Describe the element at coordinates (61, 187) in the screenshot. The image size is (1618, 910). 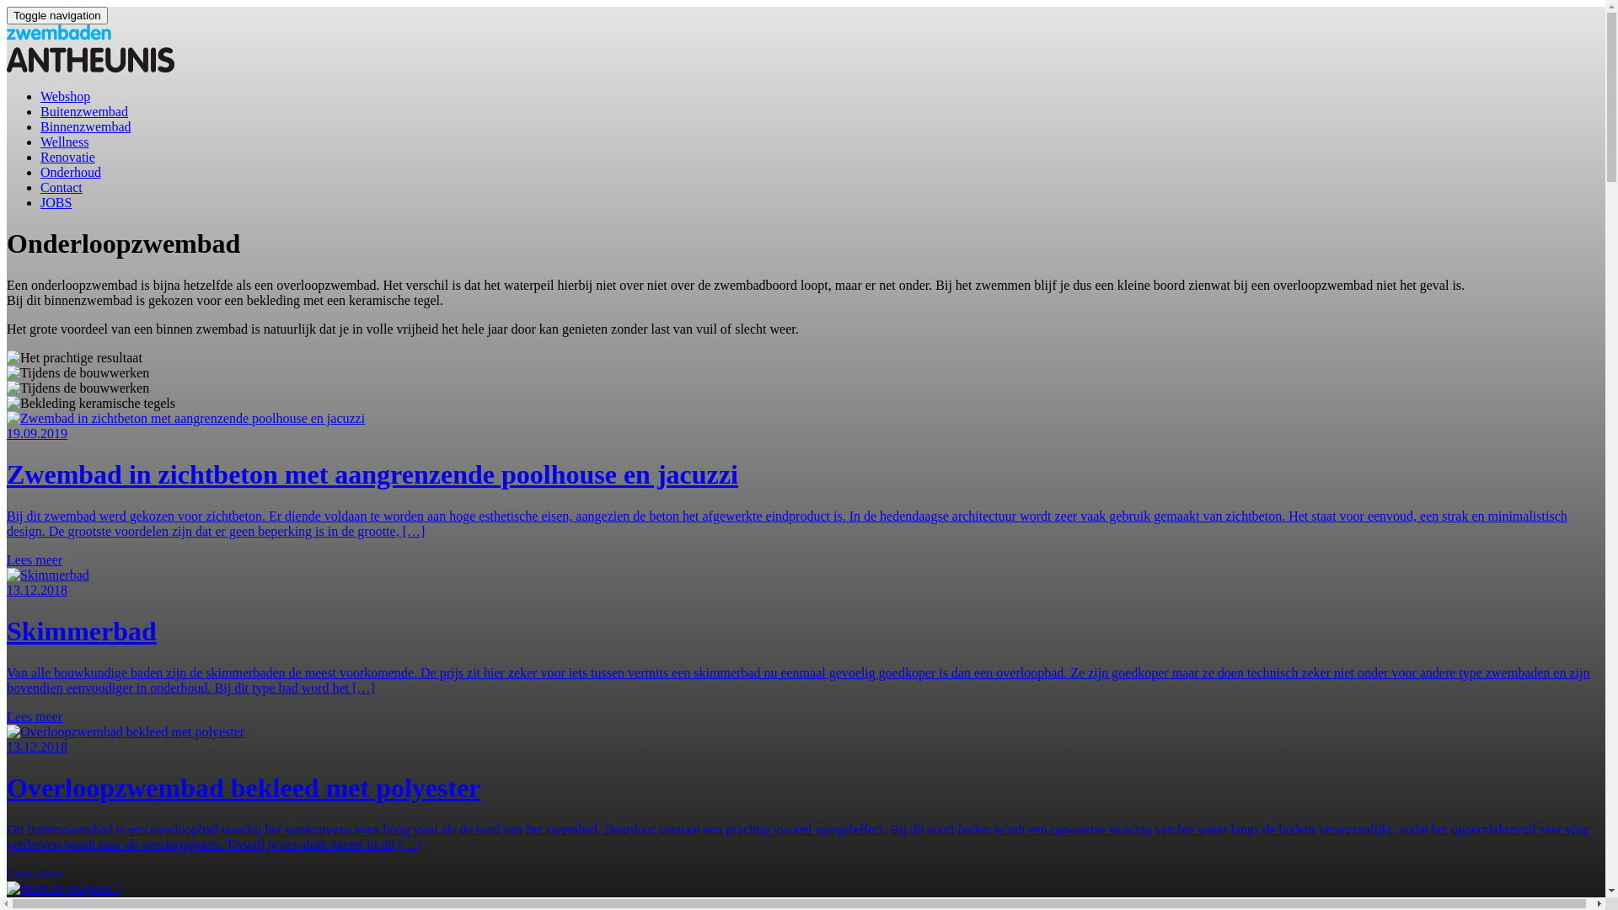
I see `'Contact'` at that location.